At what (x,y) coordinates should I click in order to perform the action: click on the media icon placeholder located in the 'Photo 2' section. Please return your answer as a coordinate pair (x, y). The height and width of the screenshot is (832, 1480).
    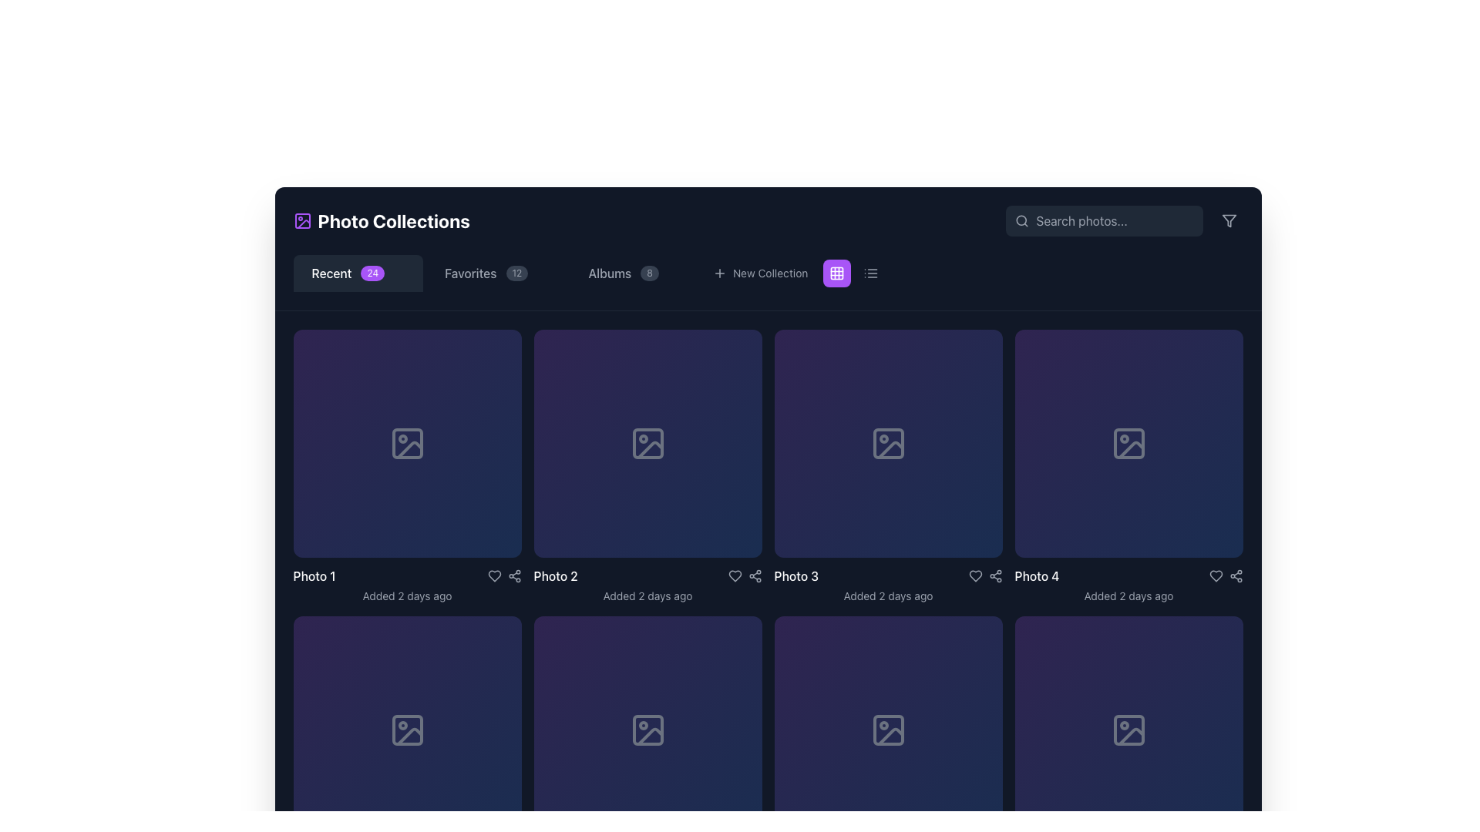
    Looking at the image, I should click on (647, 443).